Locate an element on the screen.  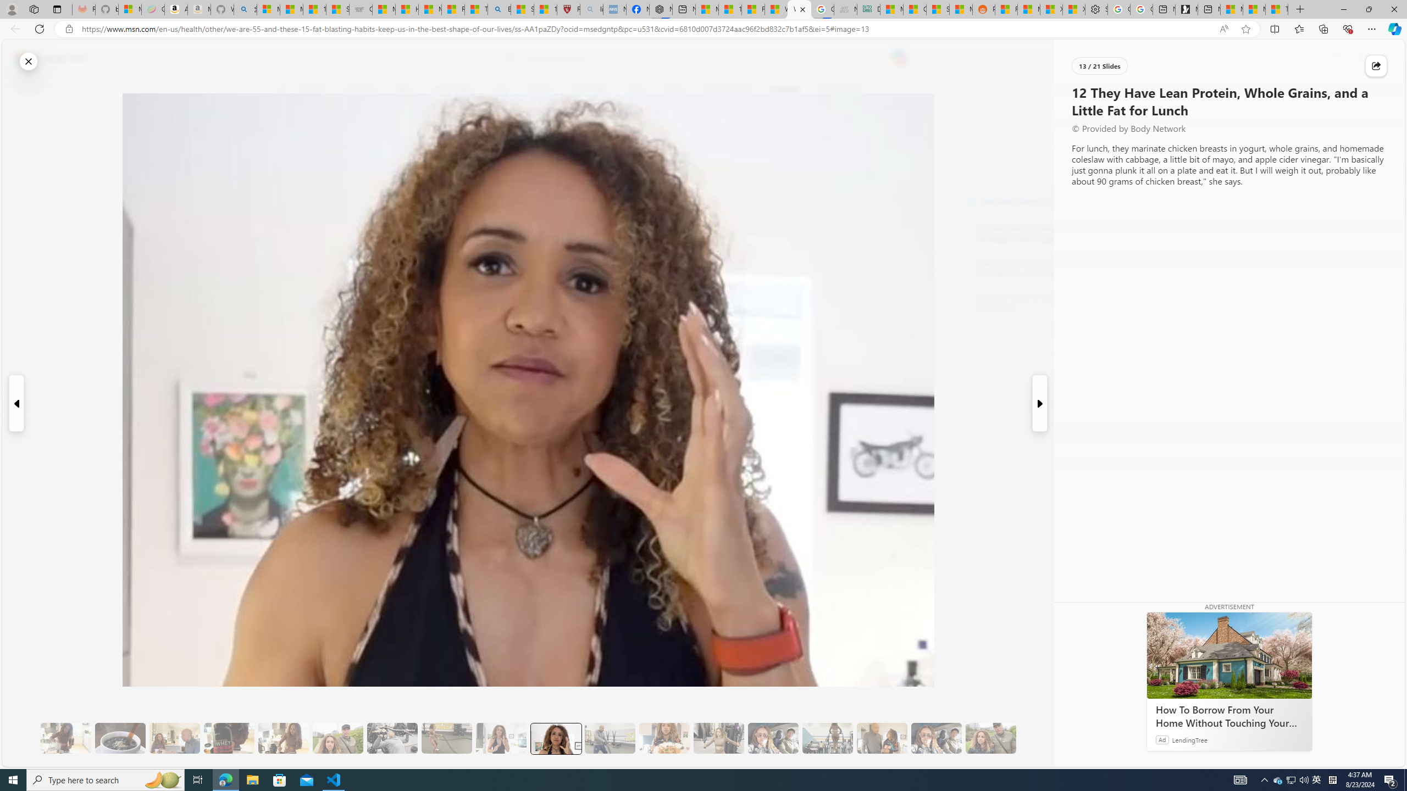
'Ad' is located at coordinates (1161, 739).